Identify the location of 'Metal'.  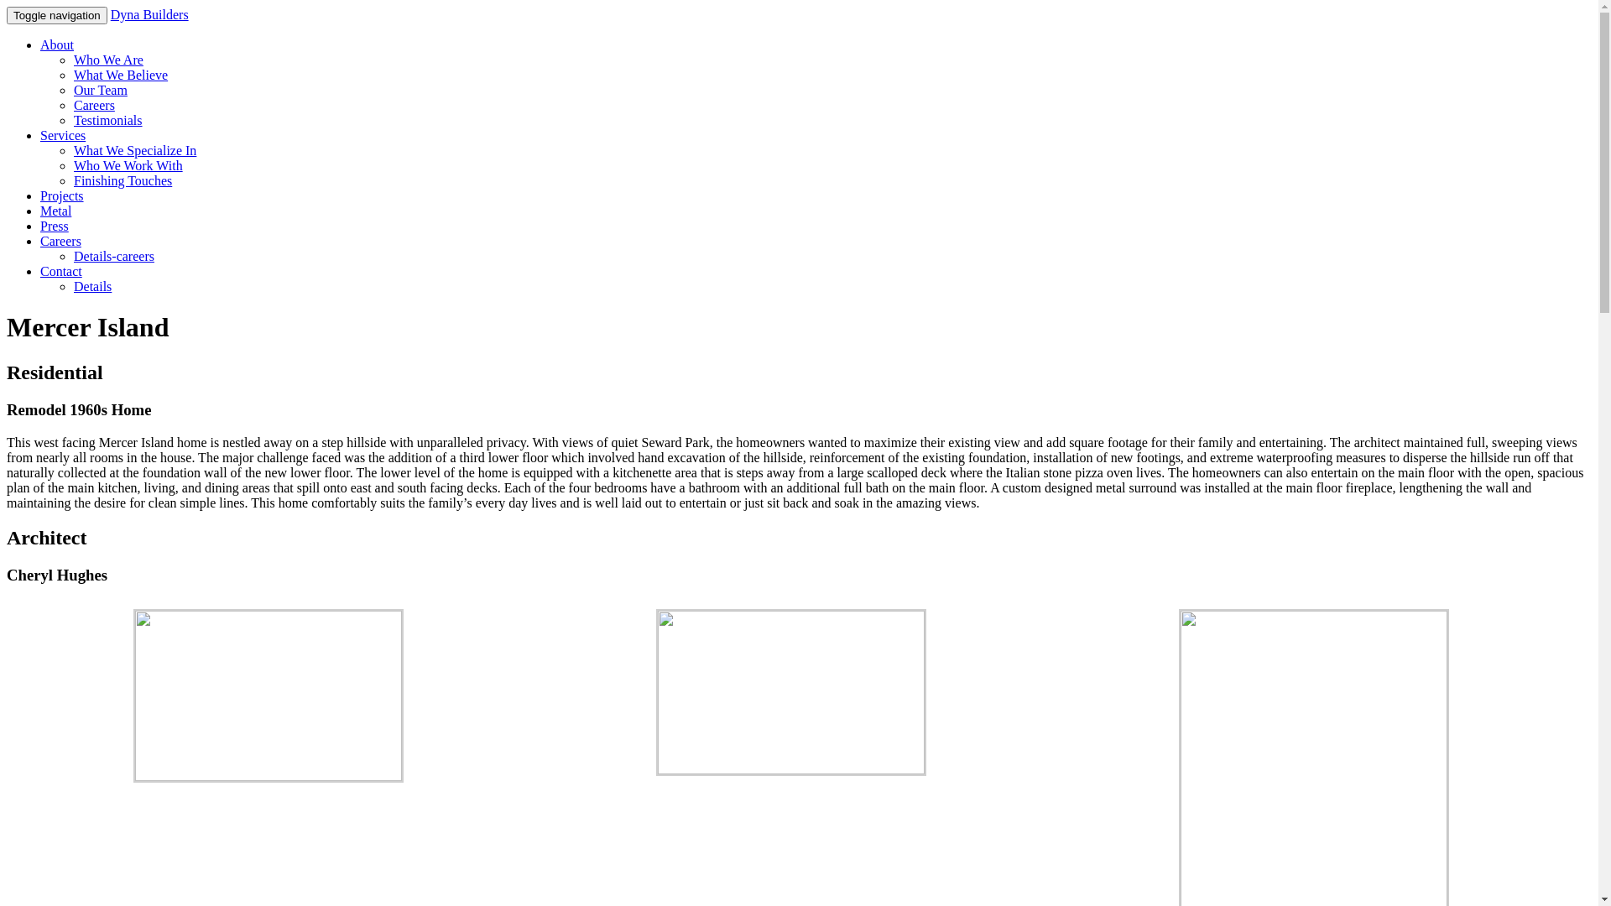
(40, 210).